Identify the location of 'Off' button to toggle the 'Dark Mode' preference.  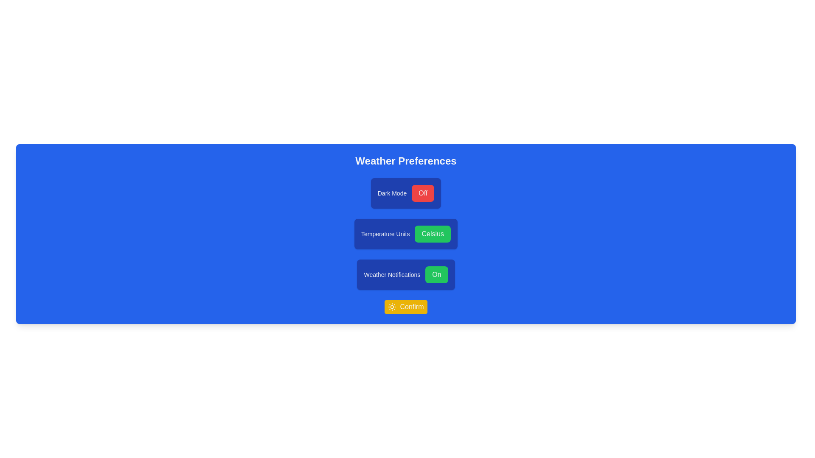
(423, 193).